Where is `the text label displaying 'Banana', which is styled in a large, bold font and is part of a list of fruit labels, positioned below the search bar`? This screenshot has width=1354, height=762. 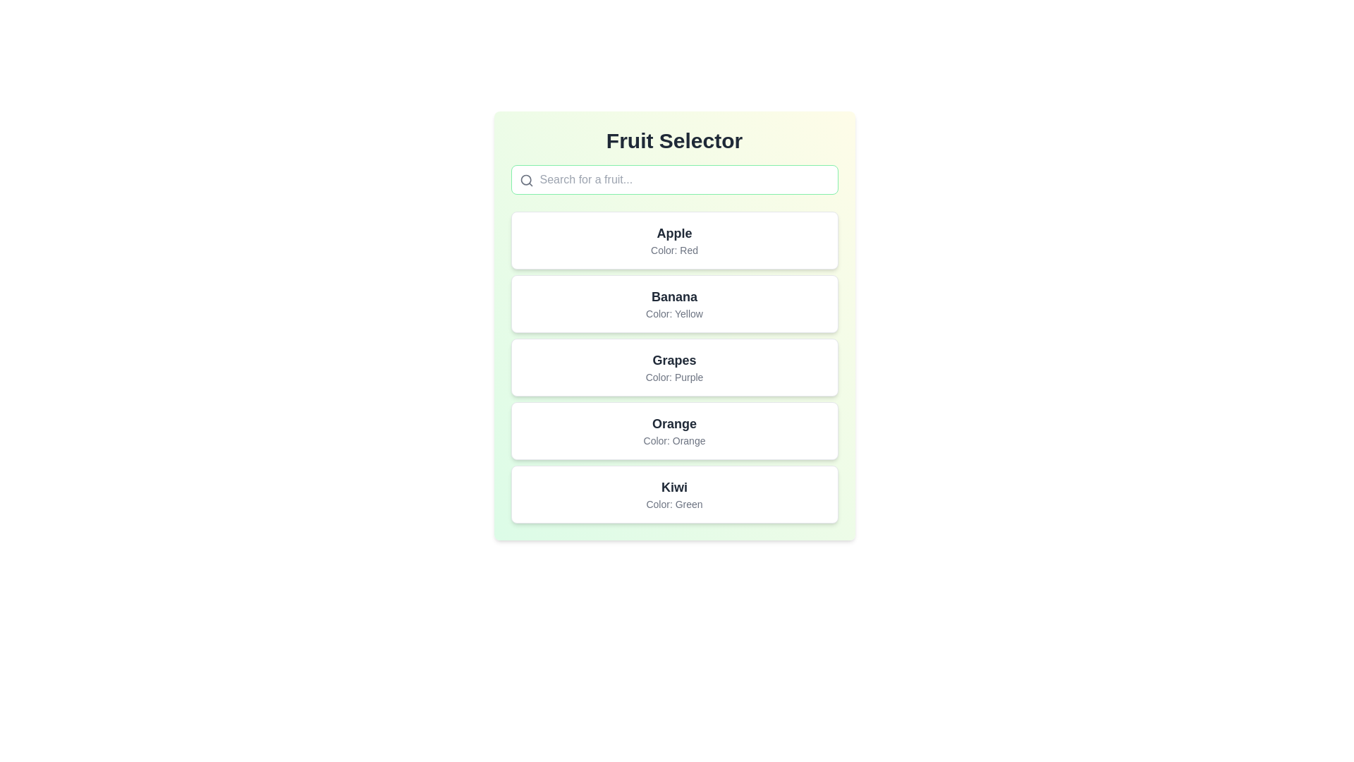
the text label displaying 'Banana', which is styled in a large, bold font and is part of a list of fruit labels, positioned below the search bar is located at coordinates (673, 296).